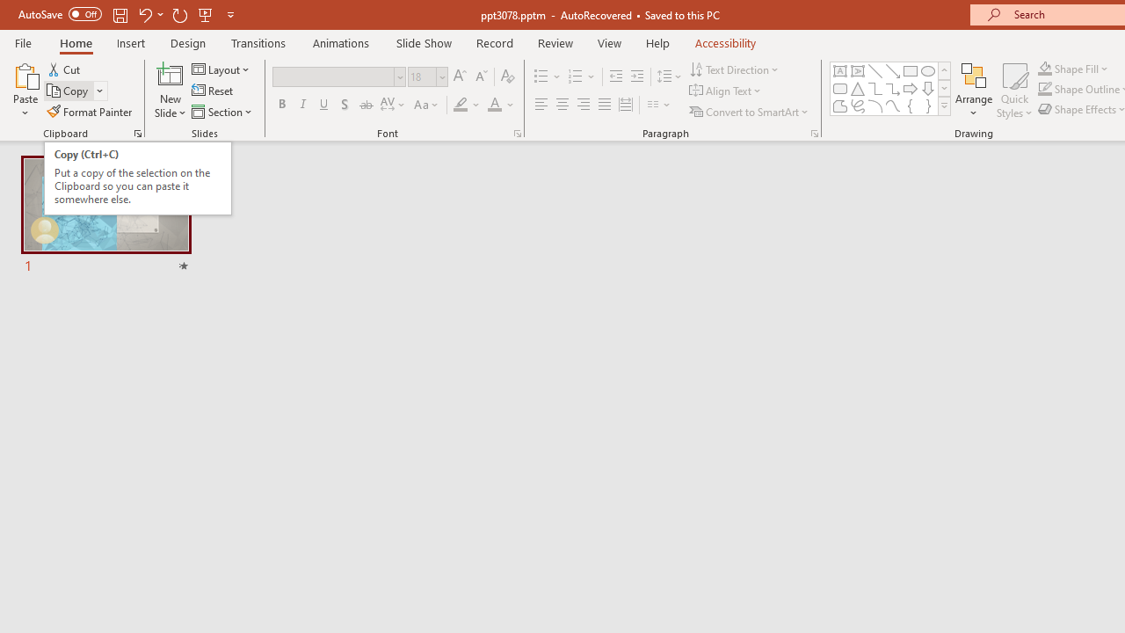 The height and width of the screenshot is (633, 1125). What do you see at coordinates (25, 74) in the screenshot?
I see `'Paste'` at bounding box center [25, 74].